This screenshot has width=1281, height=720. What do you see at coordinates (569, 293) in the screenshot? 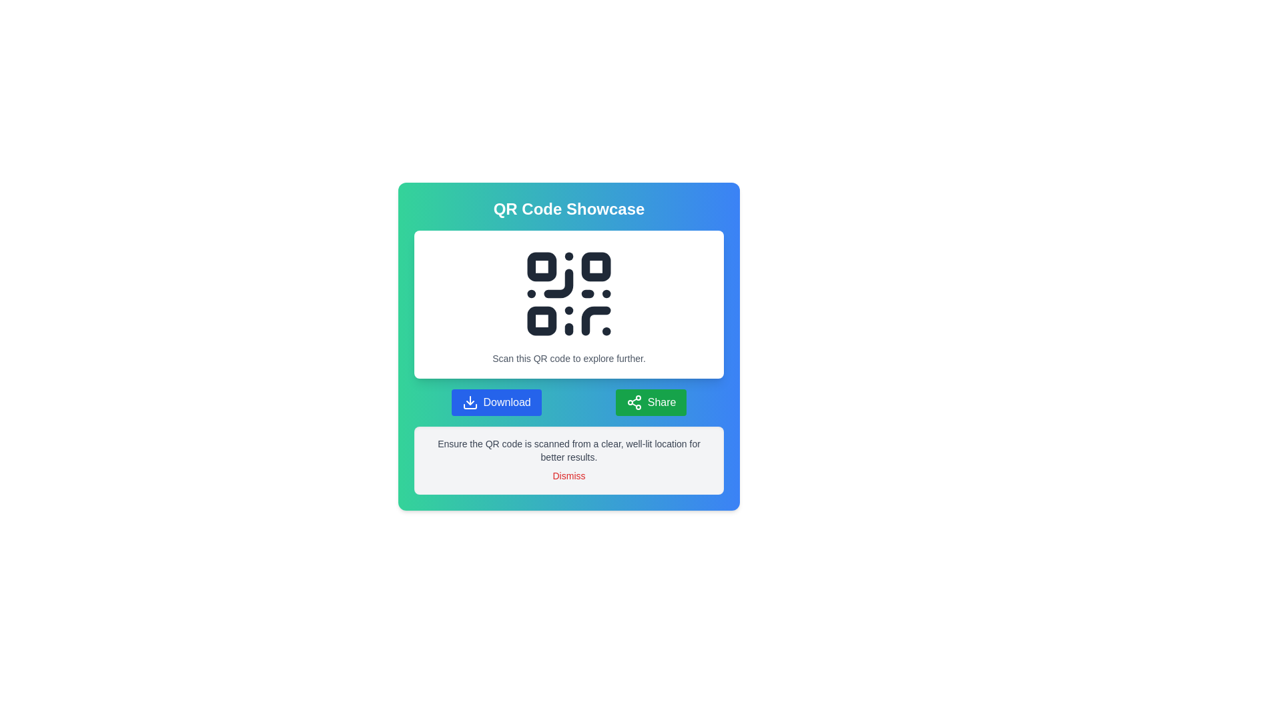
I see `the QR code element located within the 'QR Code Showcase' card, which is visually represented as a scannable QR code` at bounding box center [569, 293].